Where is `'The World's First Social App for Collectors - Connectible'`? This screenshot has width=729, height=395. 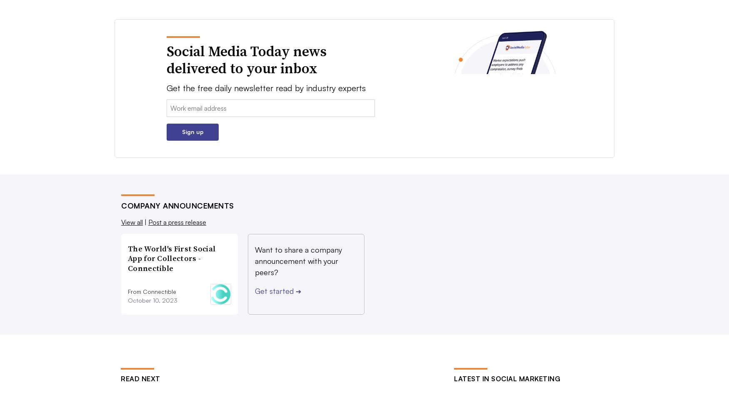 'The World's First Social App for Collectors - Connectible' is located at coordinates (127, 258).